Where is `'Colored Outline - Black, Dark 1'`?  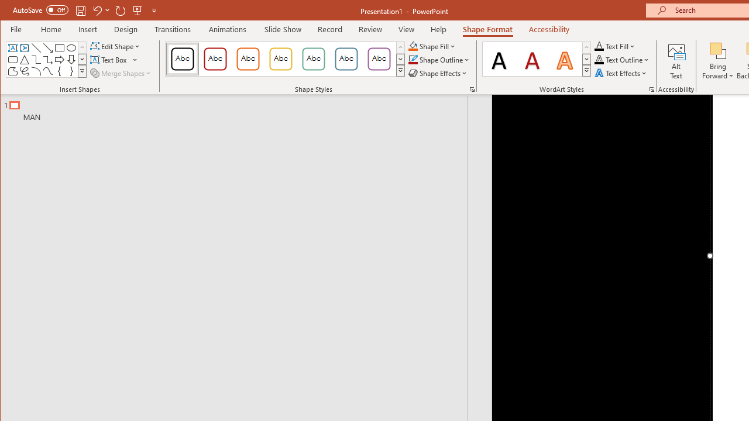 'Colored Outline - Black, Dark 1' is located at coordinates (182, 58).